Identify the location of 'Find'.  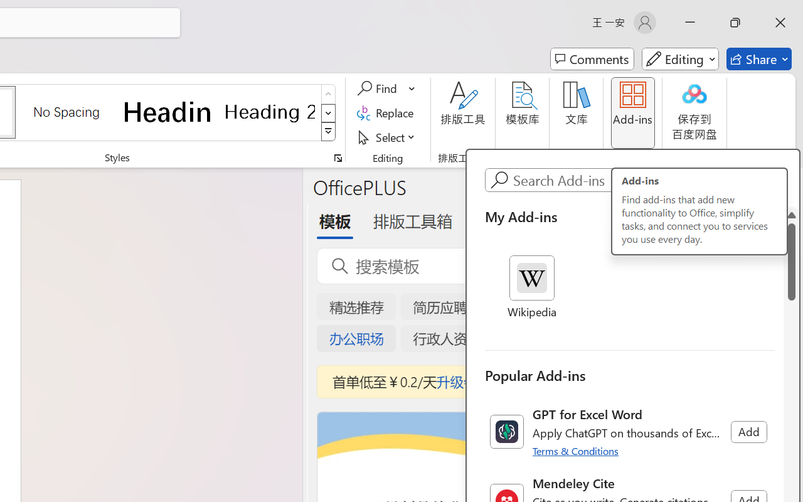
(386, 88).